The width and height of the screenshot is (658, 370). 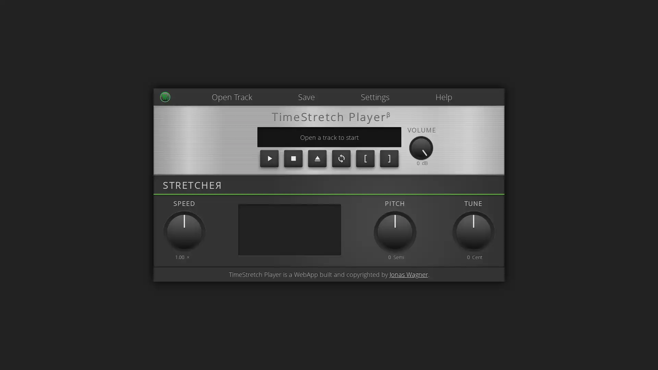 I want to click on Choose File, so click(x=214, y=92).